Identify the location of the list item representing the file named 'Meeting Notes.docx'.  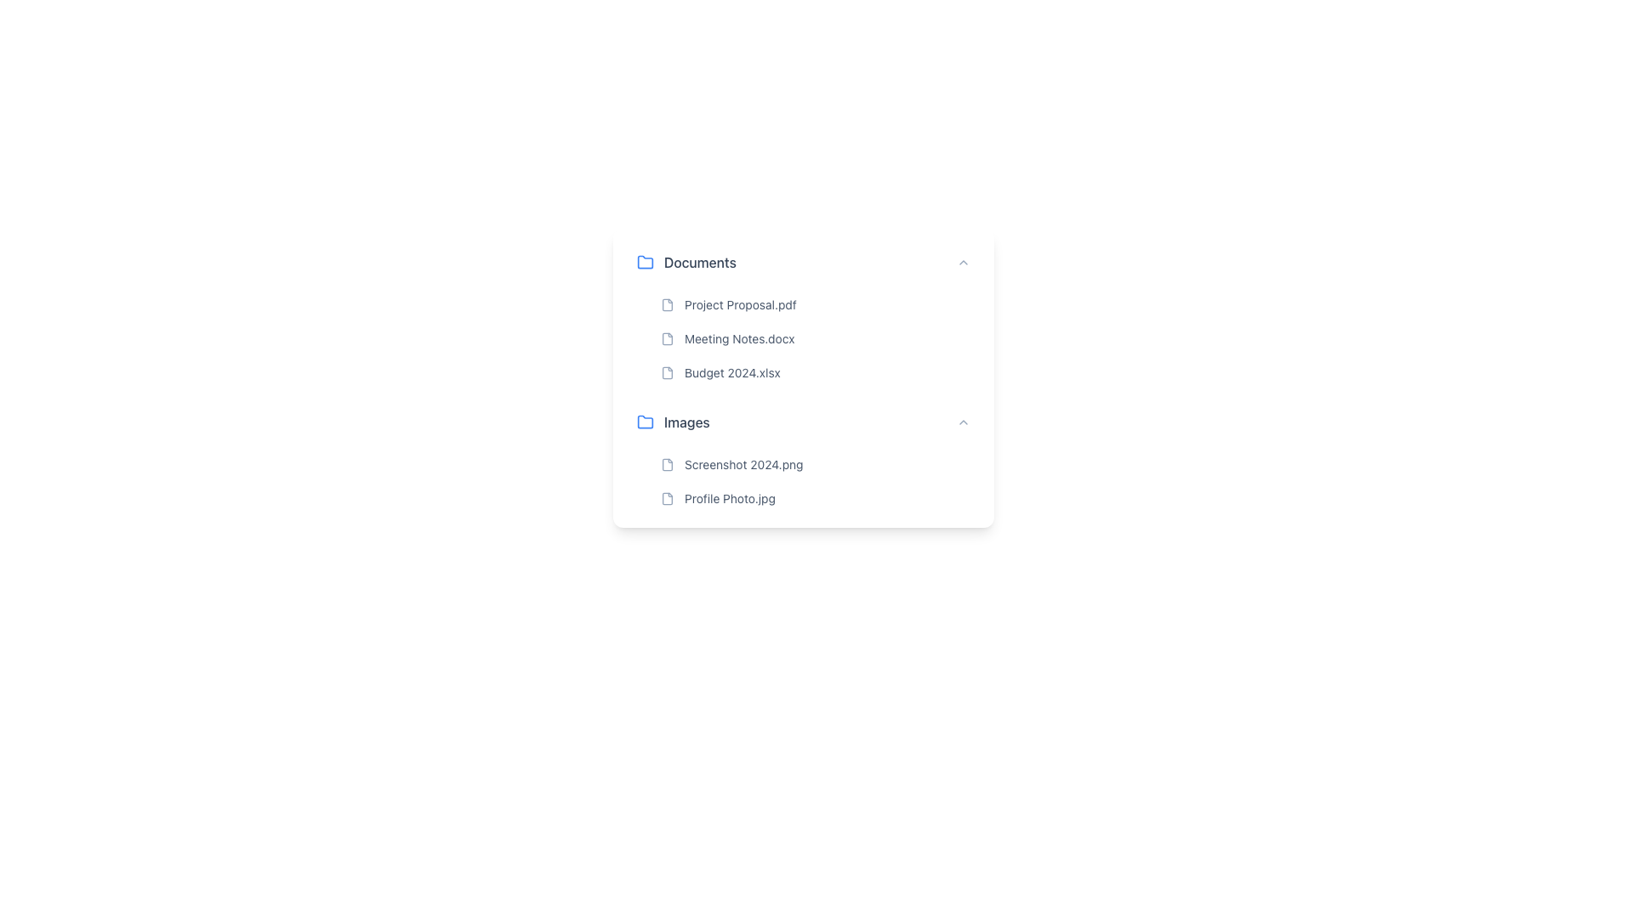
(816, 338).